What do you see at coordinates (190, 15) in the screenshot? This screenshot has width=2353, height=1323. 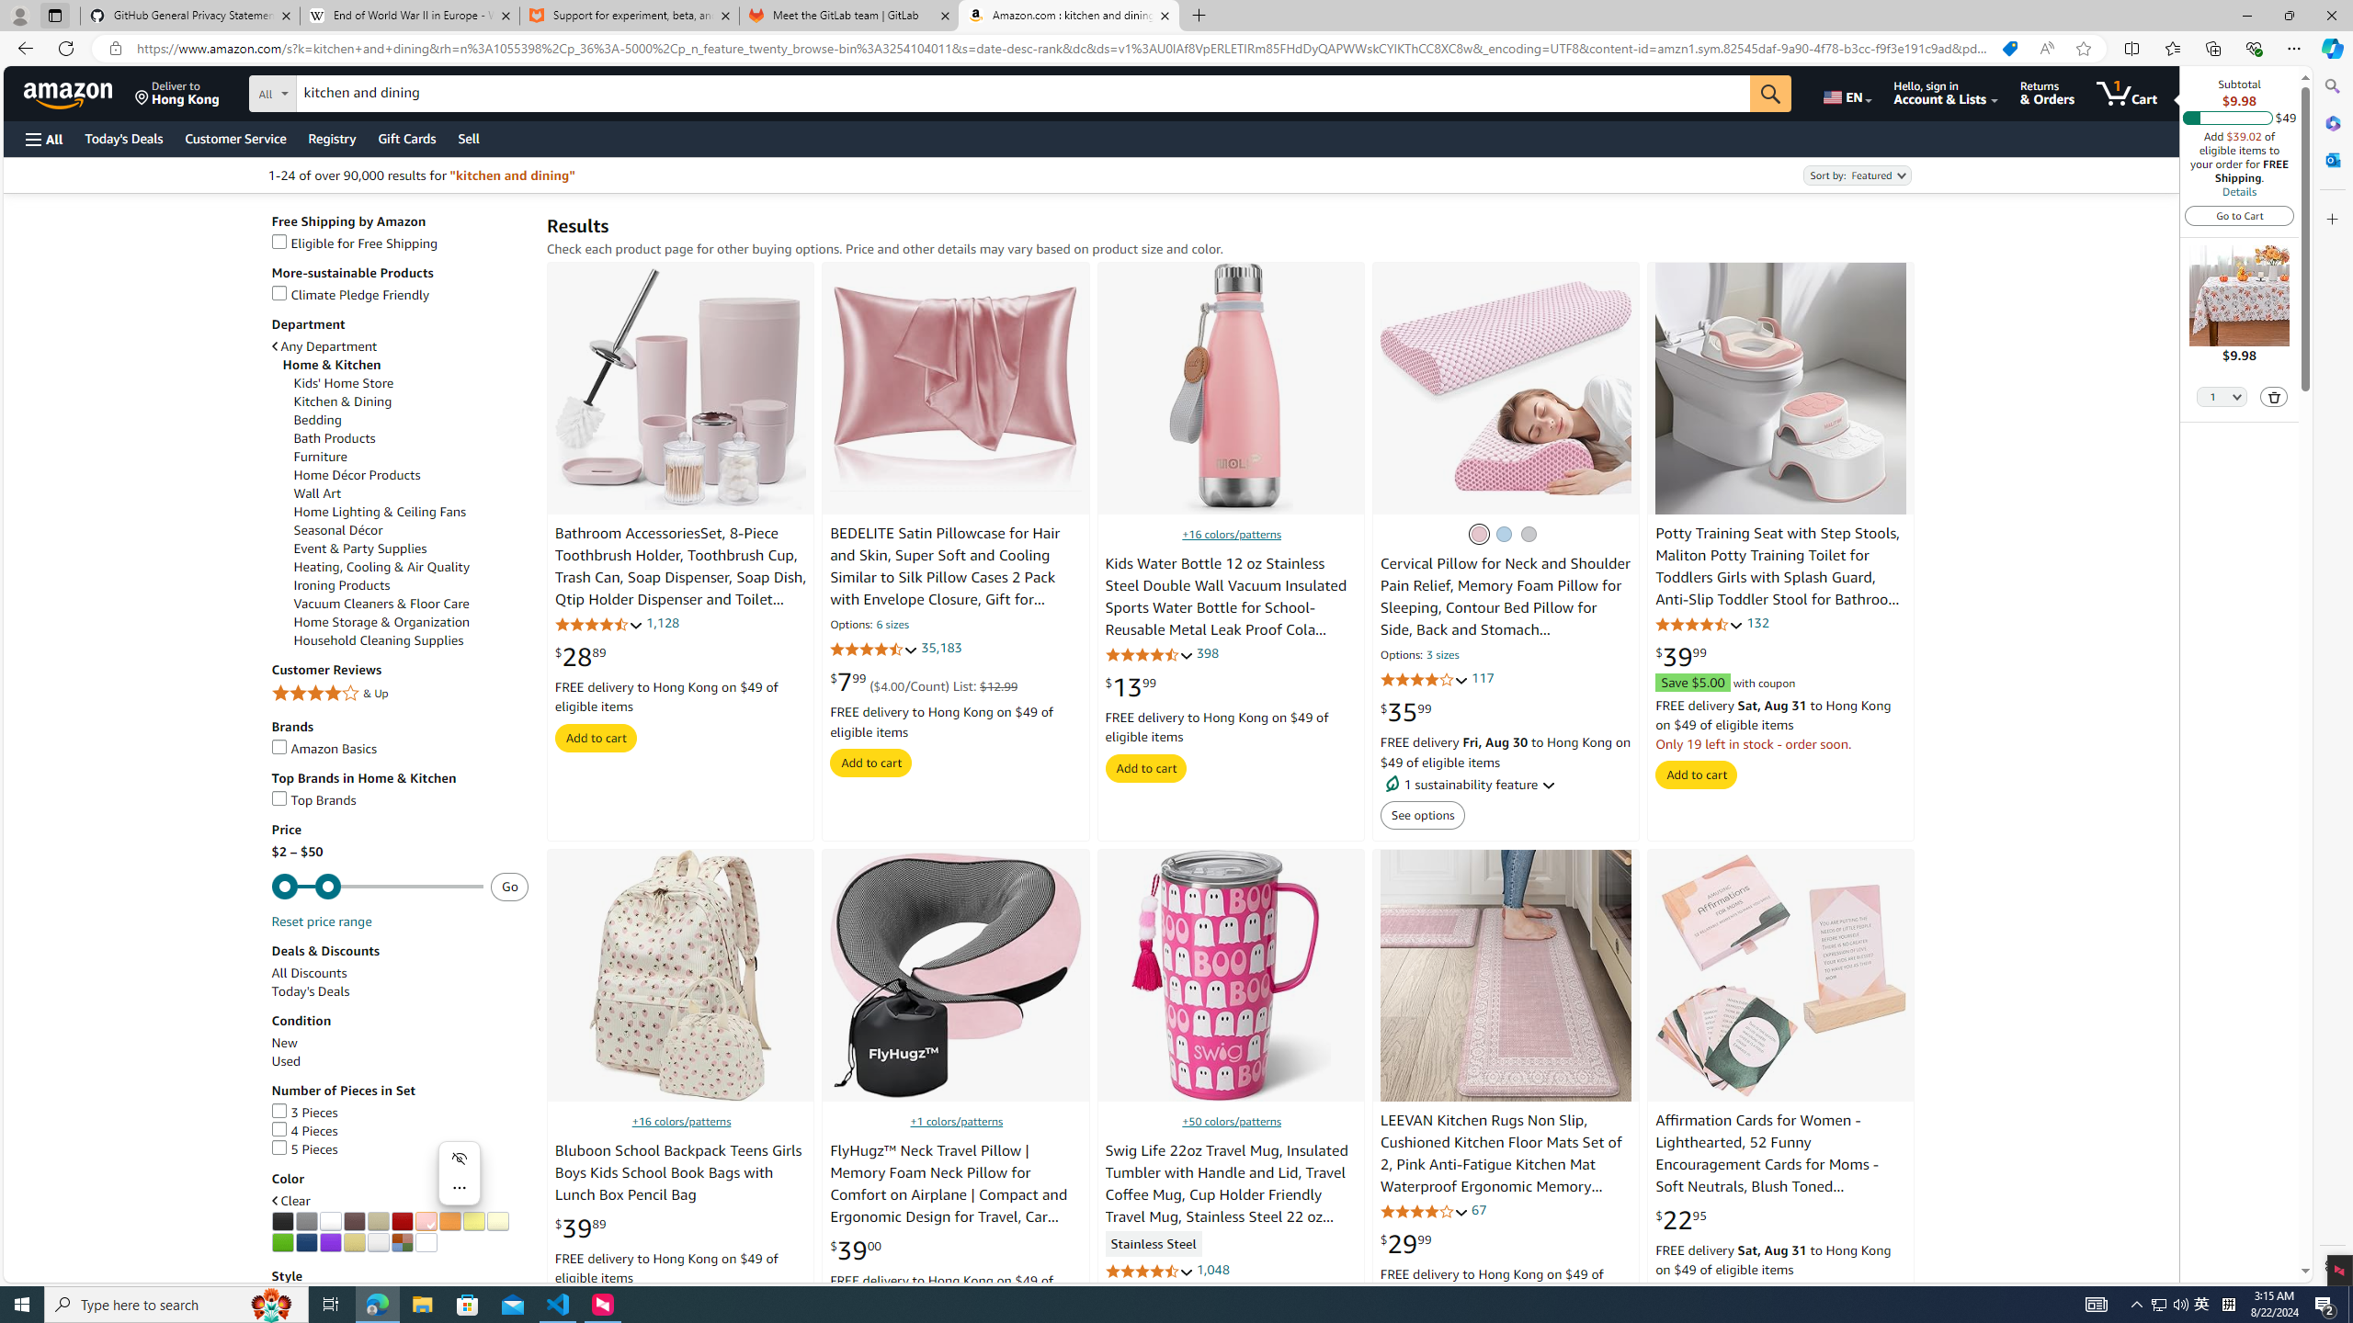 I see `'GitHub General Privacy Statement - GitHub Docs'` at bounding box center [190, 15].